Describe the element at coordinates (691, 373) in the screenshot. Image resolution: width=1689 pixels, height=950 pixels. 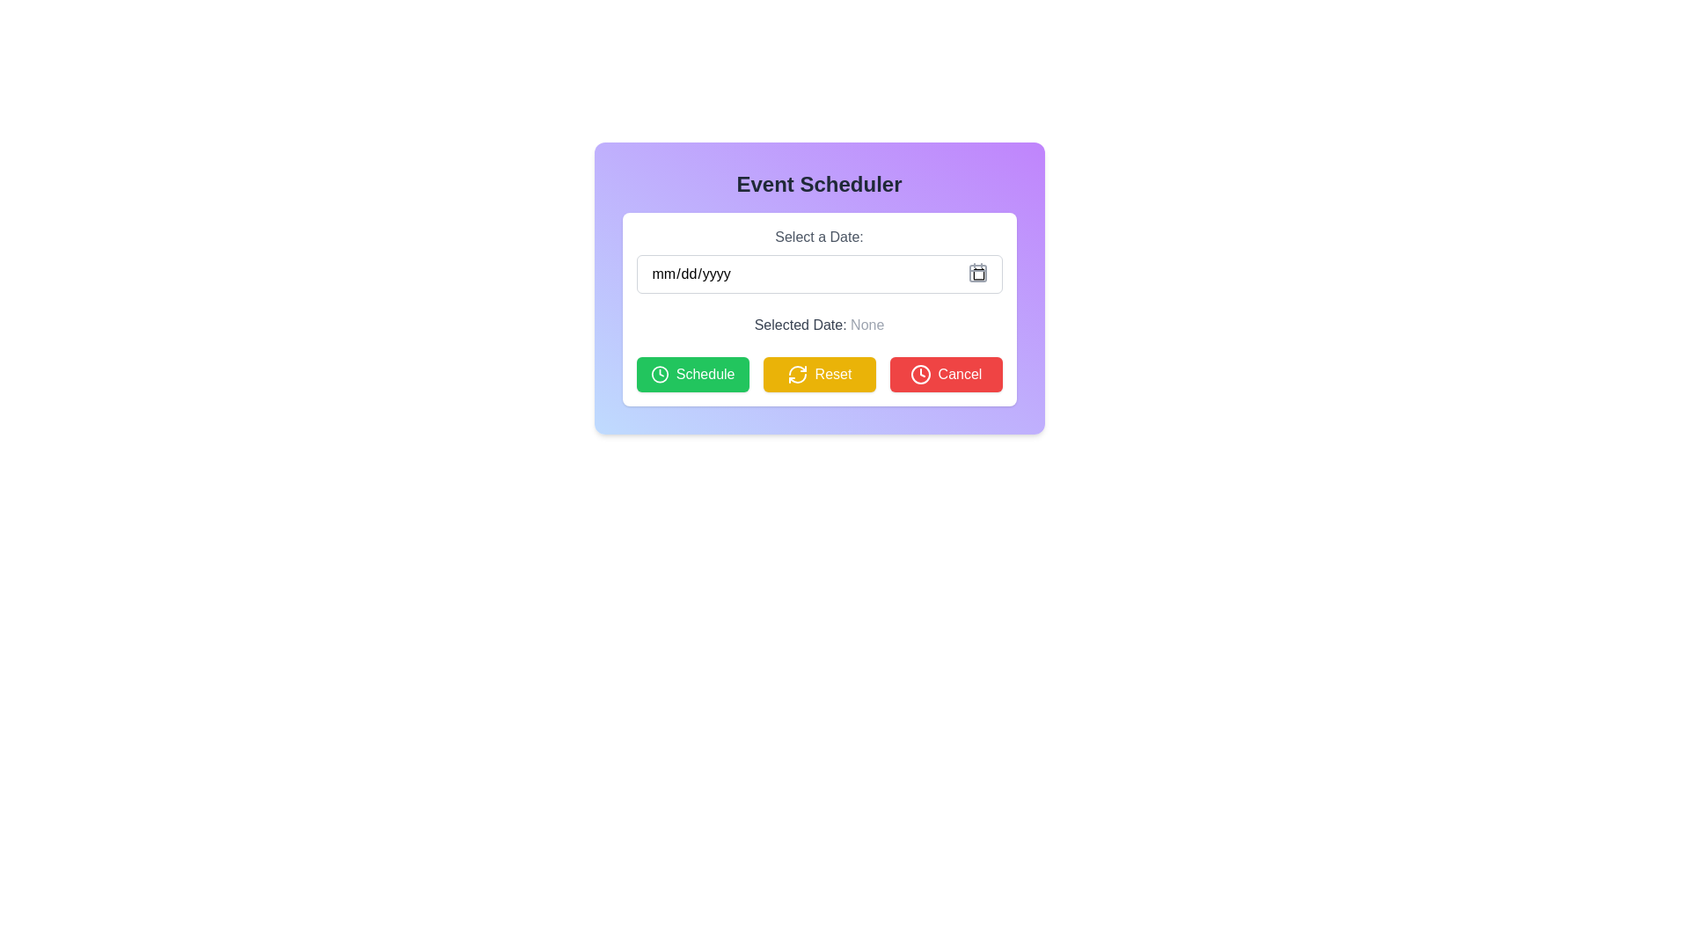
I see `the leftmost button in the grid to finalize the scheduling action for the selected date` at that location.